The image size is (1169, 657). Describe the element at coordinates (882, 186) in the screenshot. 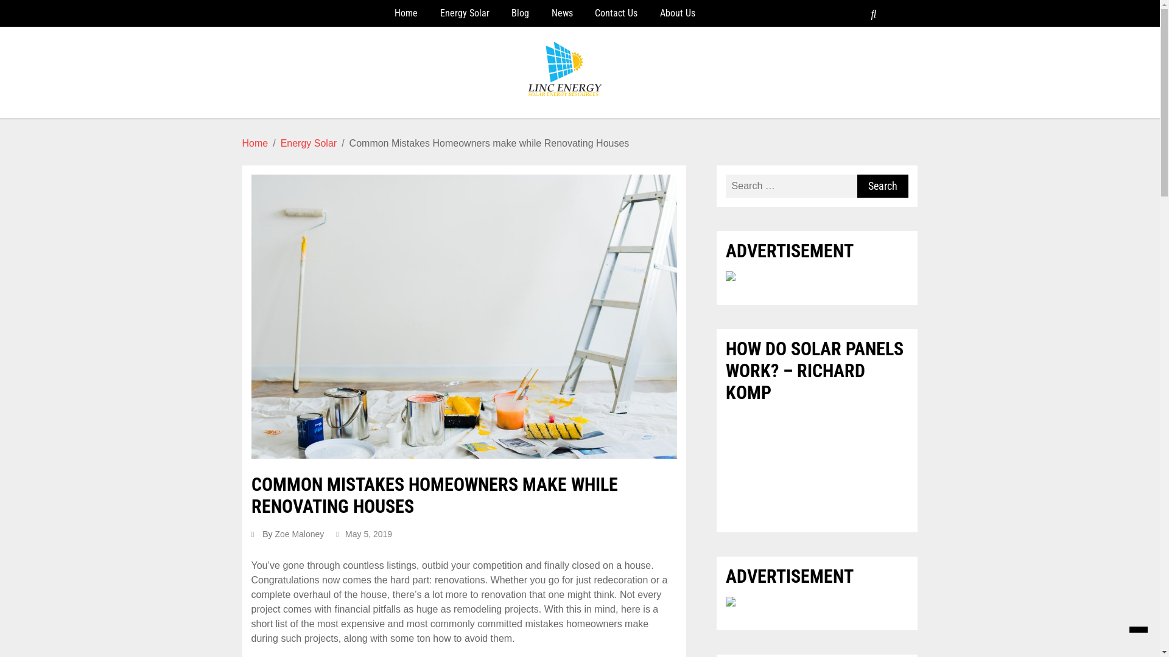

I see `'Search'` at that location.